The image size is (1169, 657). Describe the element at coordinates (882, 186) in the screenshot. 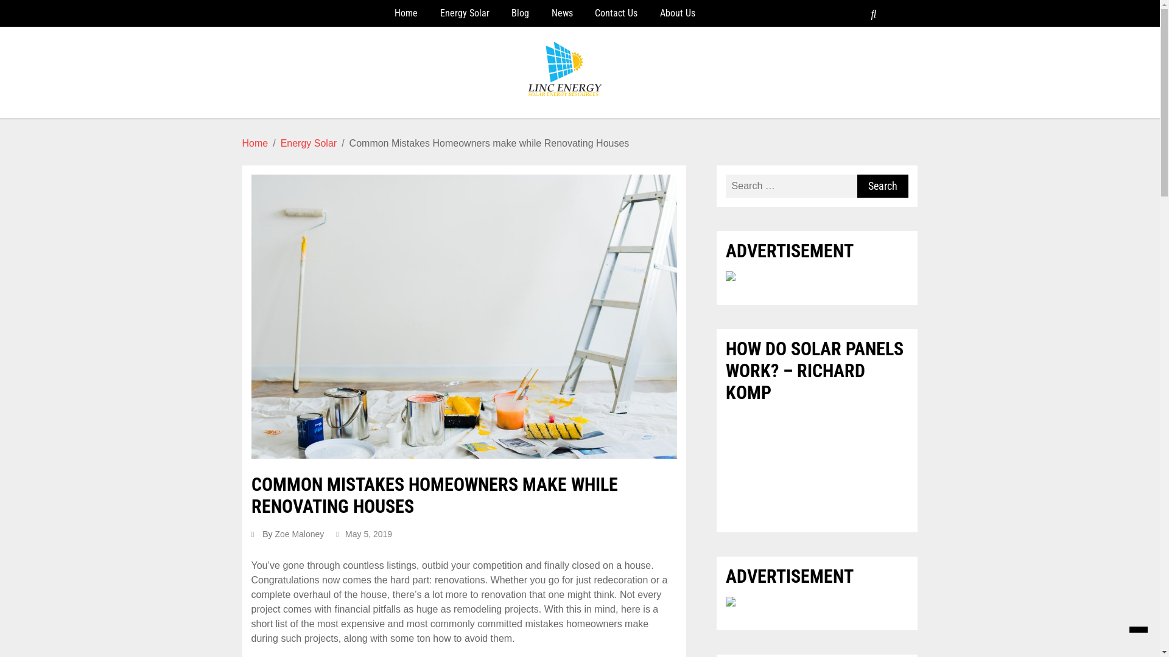

I see `'Search'` at that location.